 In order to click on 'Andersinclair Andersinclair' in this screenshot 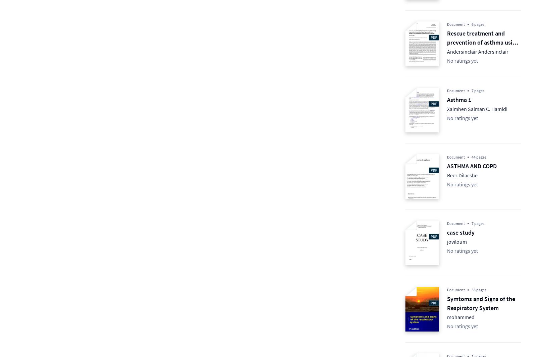, I will do `click(478, 51)`.